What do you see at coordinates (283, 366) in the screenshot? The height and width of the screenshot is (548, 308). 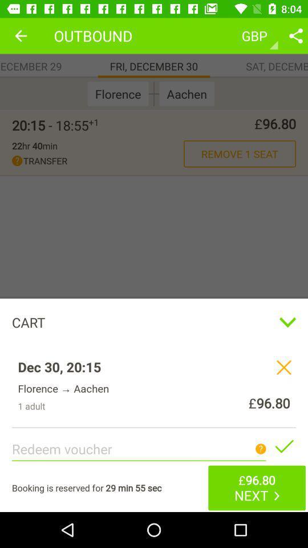 I see `cross mark` at bounding box center [283, 366].